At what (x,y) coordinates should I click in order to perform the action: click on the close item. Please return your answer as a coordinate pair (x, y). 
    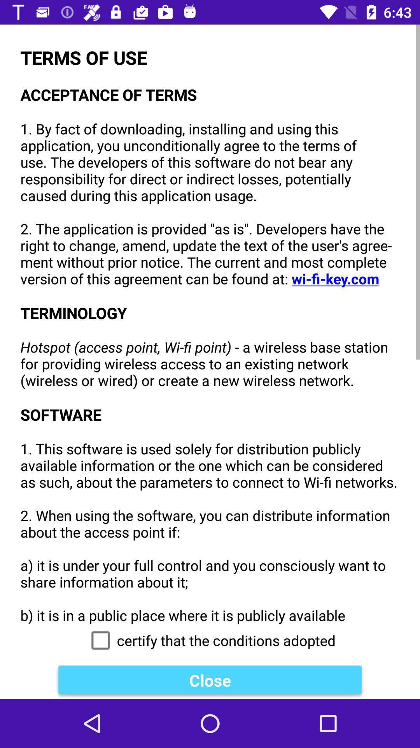
    Looking at the image, I should click on (210, 680).